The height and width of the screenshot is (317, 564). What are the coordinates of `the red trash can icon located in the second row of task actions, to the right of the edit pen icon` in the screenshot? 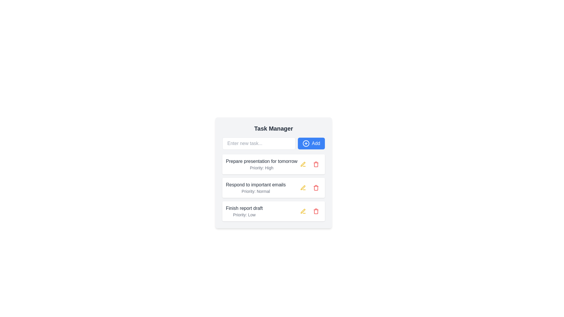 It's located at (315, 188).